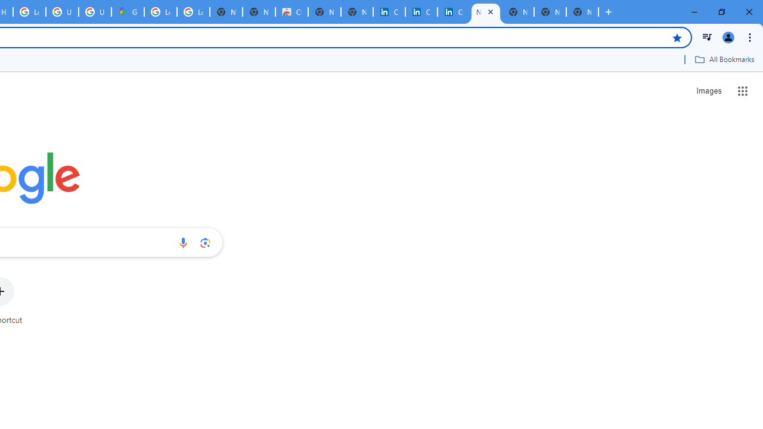 This screenshot has width=763, height=429. What do you see at coordinates (128, 12) in the screenshot?
I see `'Google Maps'` at bounding box center [128, 12].